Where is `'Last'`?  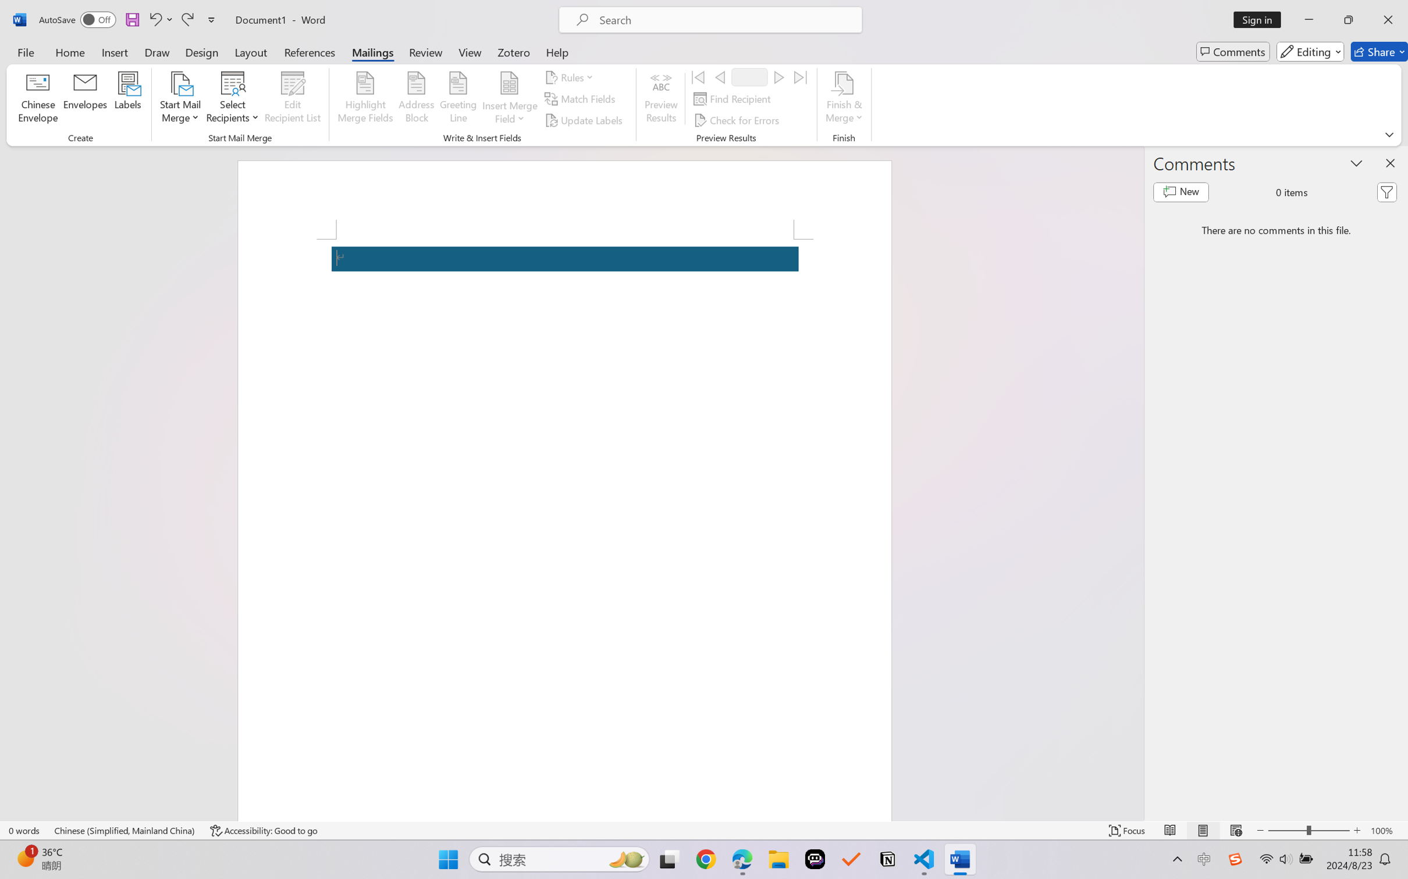 'Last' is located at coordinates (801, 76).